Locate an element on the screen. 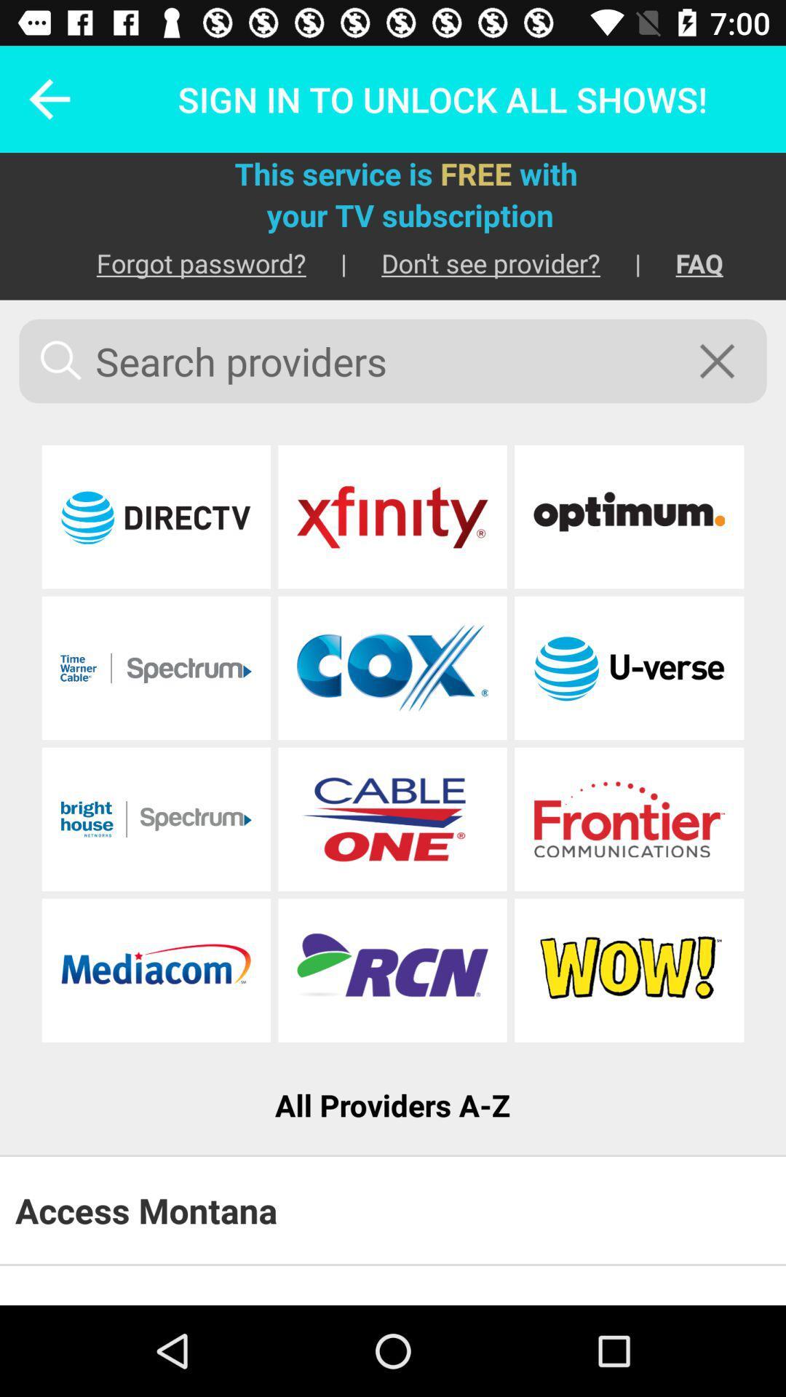 The height and width of the screenshot is (1397, 786). item below the your tv subscription item is located at coordinates (183, 263).